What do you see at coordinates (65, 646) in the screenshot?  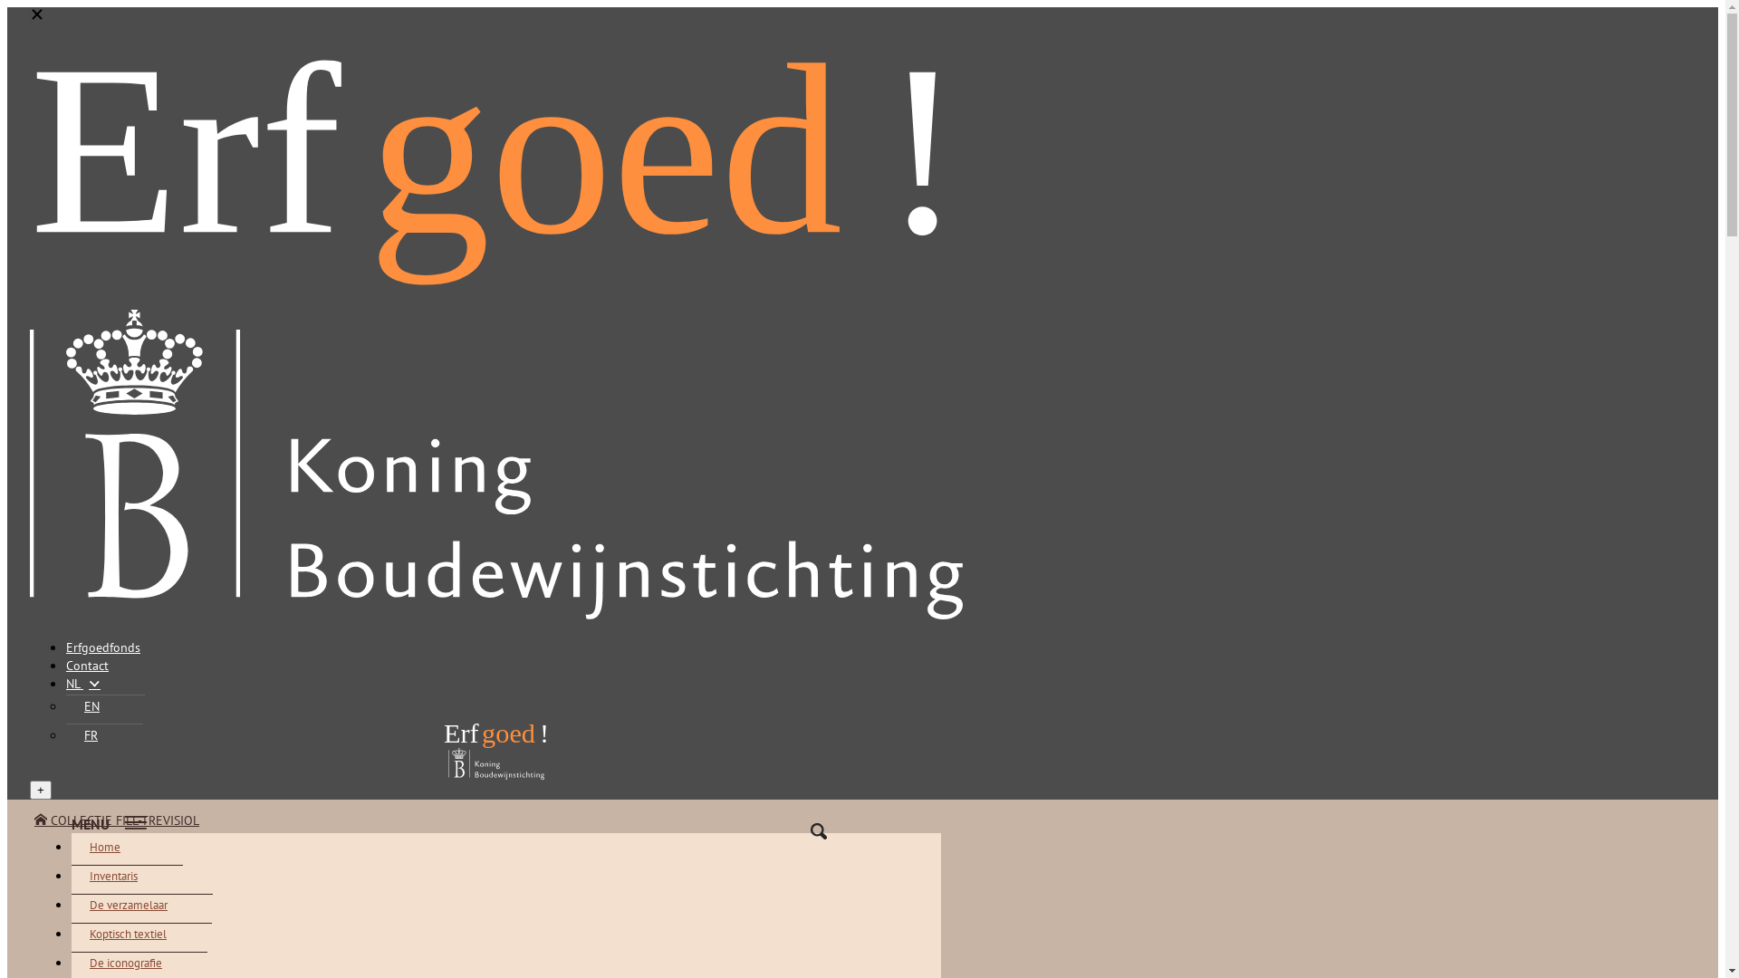 I see `'Erfgoedfonds'` at bounding box center [65, 646].